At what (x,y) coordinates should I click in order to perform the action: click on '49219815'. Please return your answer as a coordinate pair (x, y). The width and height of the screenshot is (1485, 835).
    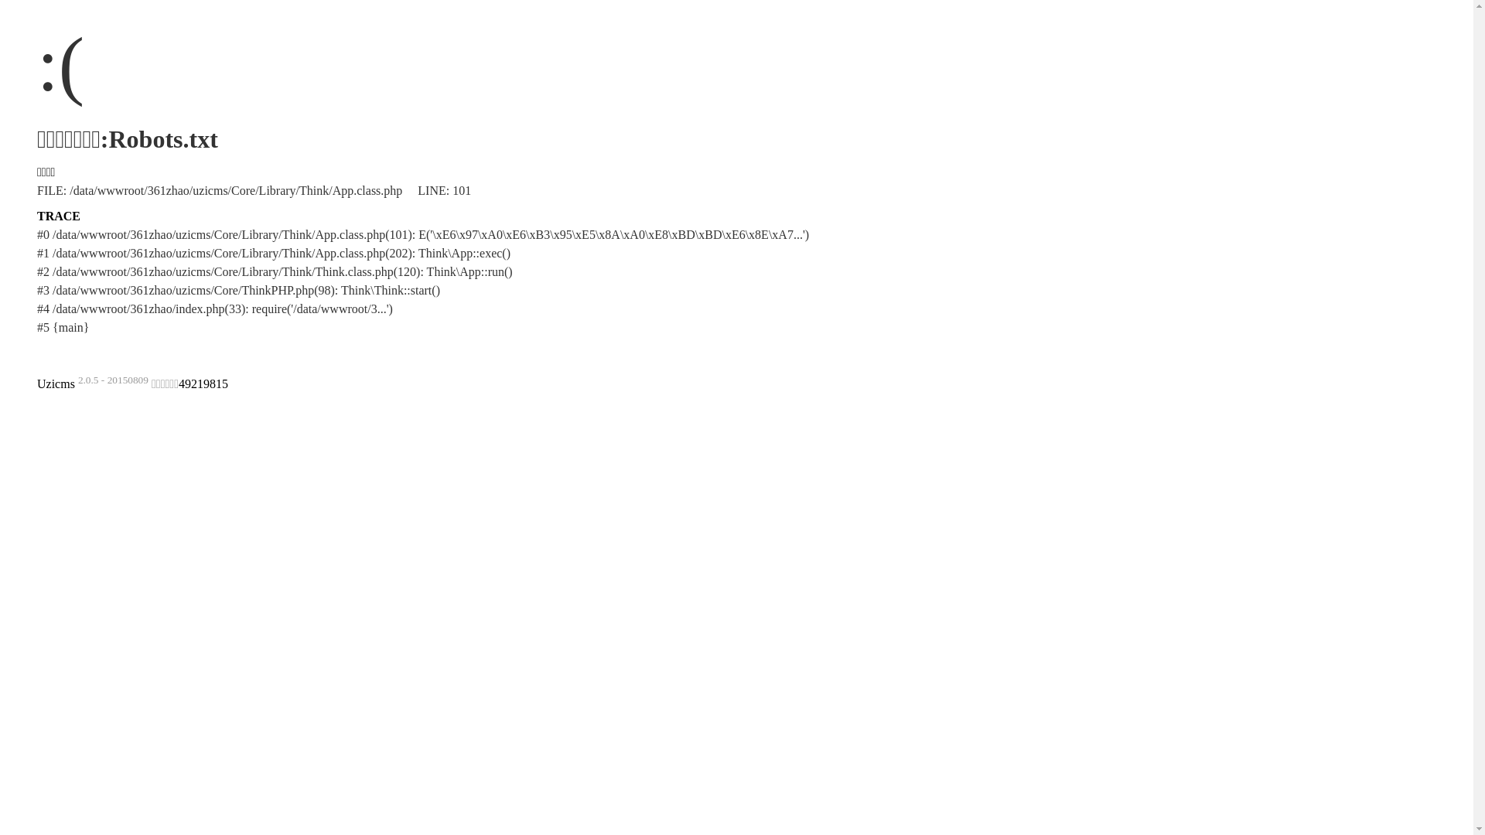
    Looking at the image, I should click on (178, 383).